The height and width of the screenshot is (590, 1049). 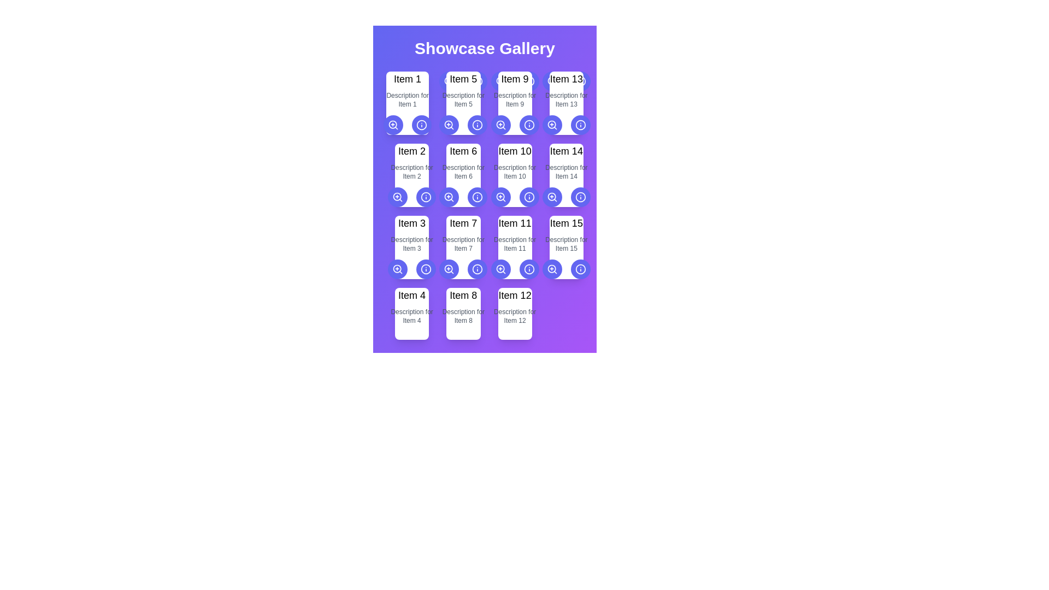 What do you see at coordinates (407, 103) in the screenshot?
I see `the Text block displaying 'Item 1' and its description 'Description for Item 1', located in the top left corner of the grid under the 'Showcase Gallery' header` at bounding box center [407, 103].